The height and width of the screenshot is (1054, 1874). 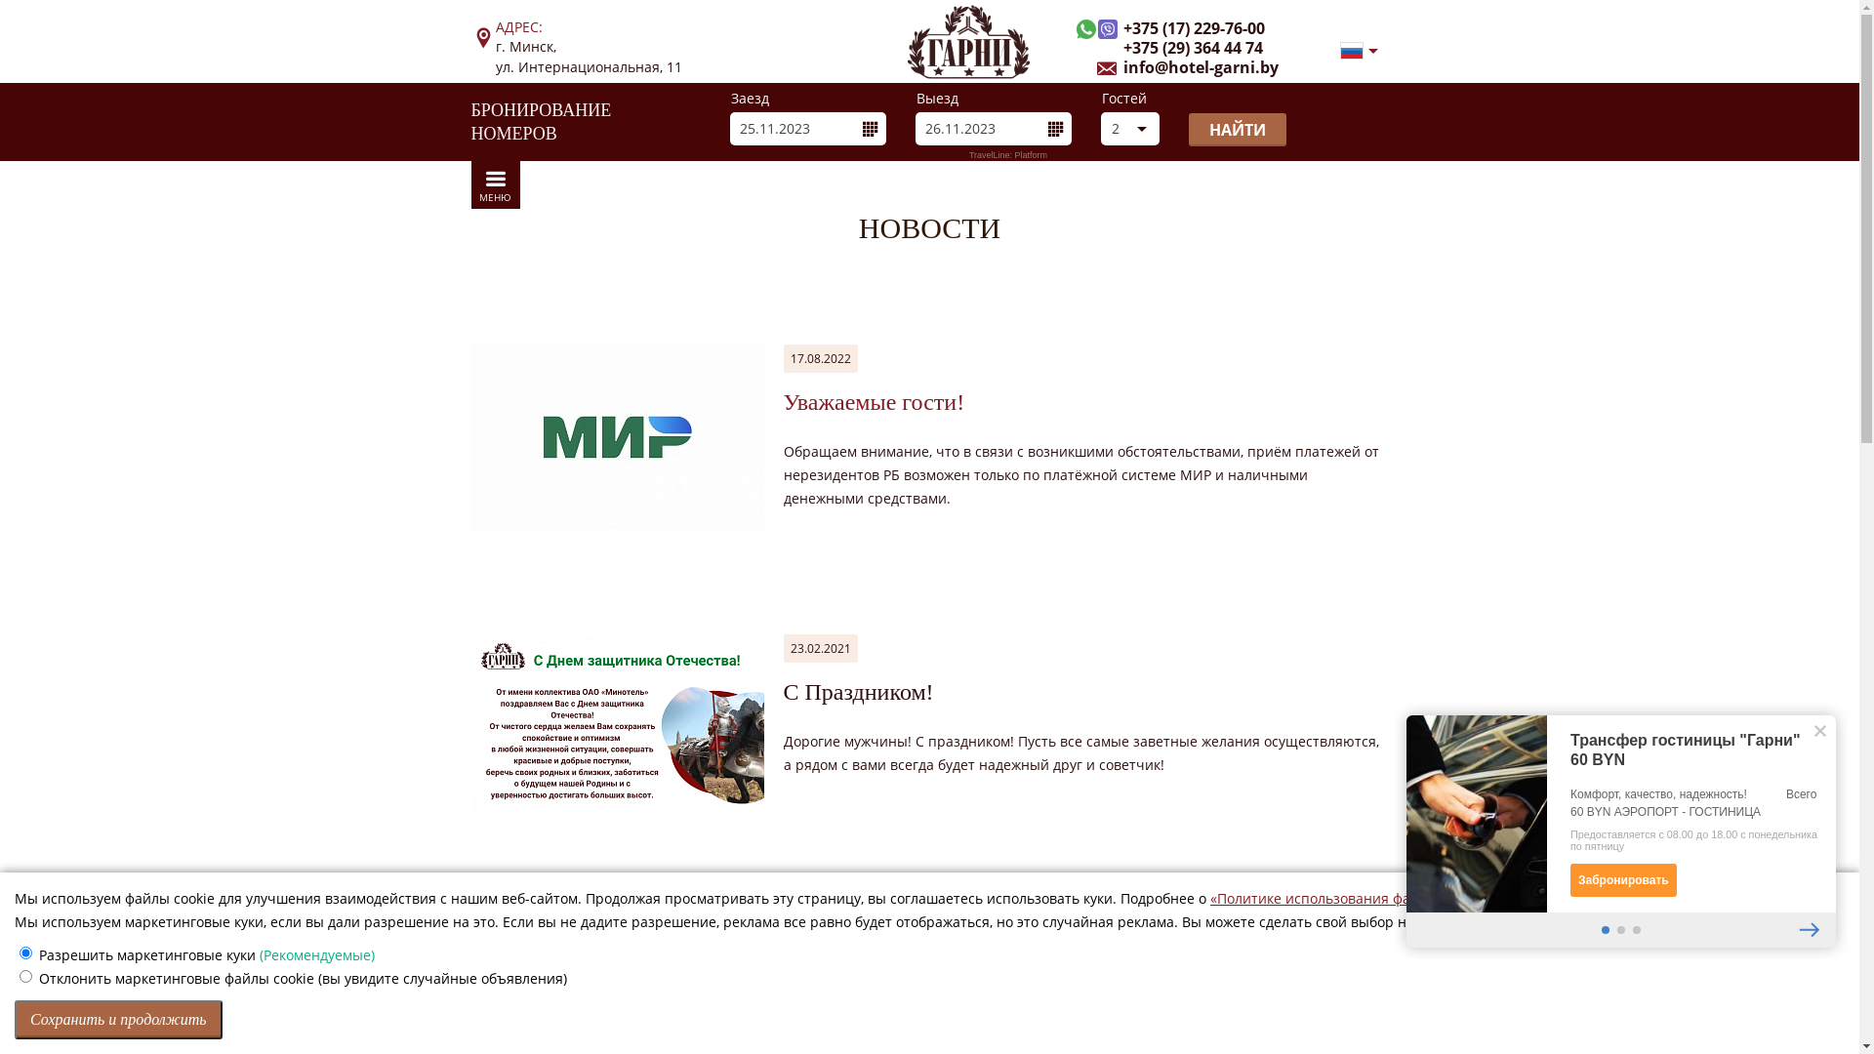 What do you see at coordinates (1095, 48) in the screenshot?
I see `'+375 (29) 364 44 74'` at bounding box center [1095, 48].